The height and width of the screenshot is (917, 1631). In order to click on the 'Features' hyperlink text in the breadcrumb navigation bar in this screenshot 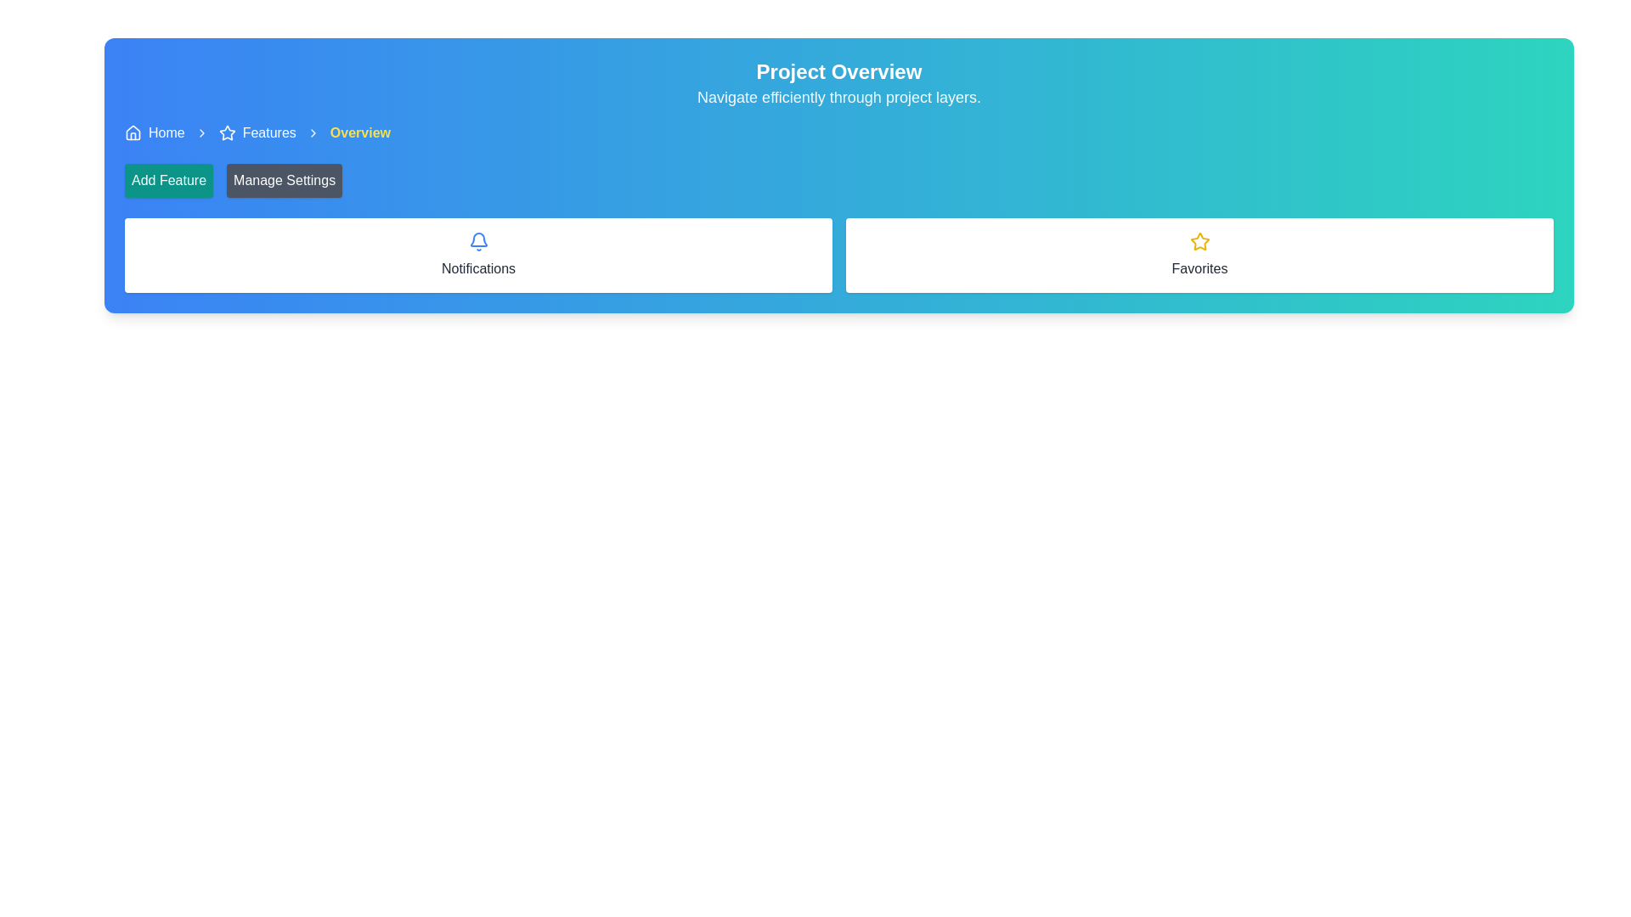, I will do `click(268, 132)`.